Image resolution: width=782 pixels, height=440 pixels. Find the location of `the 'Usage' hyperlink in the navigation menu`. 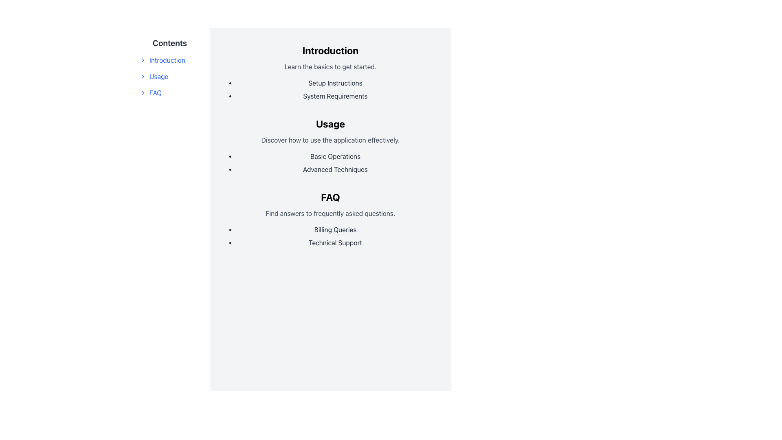

the 'Usage' hyperlink in the navigation menu is located at coordinates (169, 77).